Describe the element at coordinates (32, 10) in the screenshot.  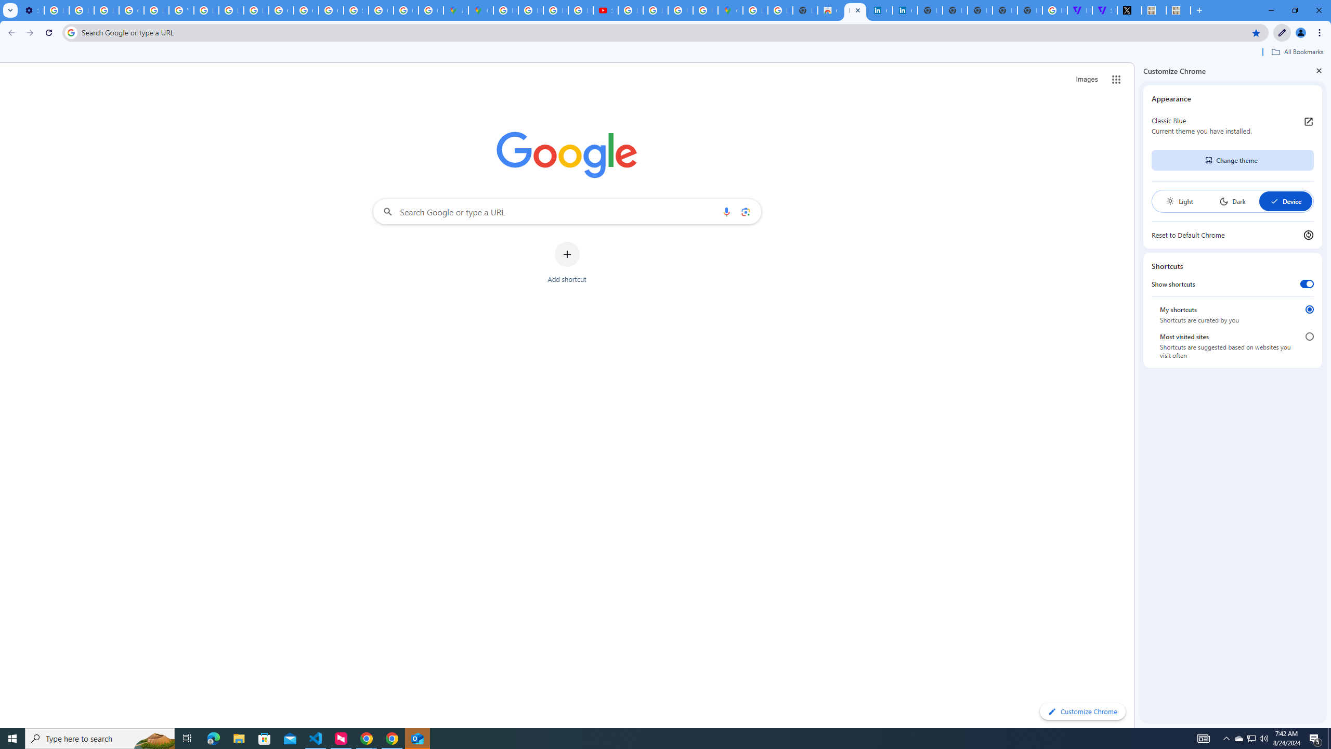
I see `'Settings - Customize profile'` at that location.